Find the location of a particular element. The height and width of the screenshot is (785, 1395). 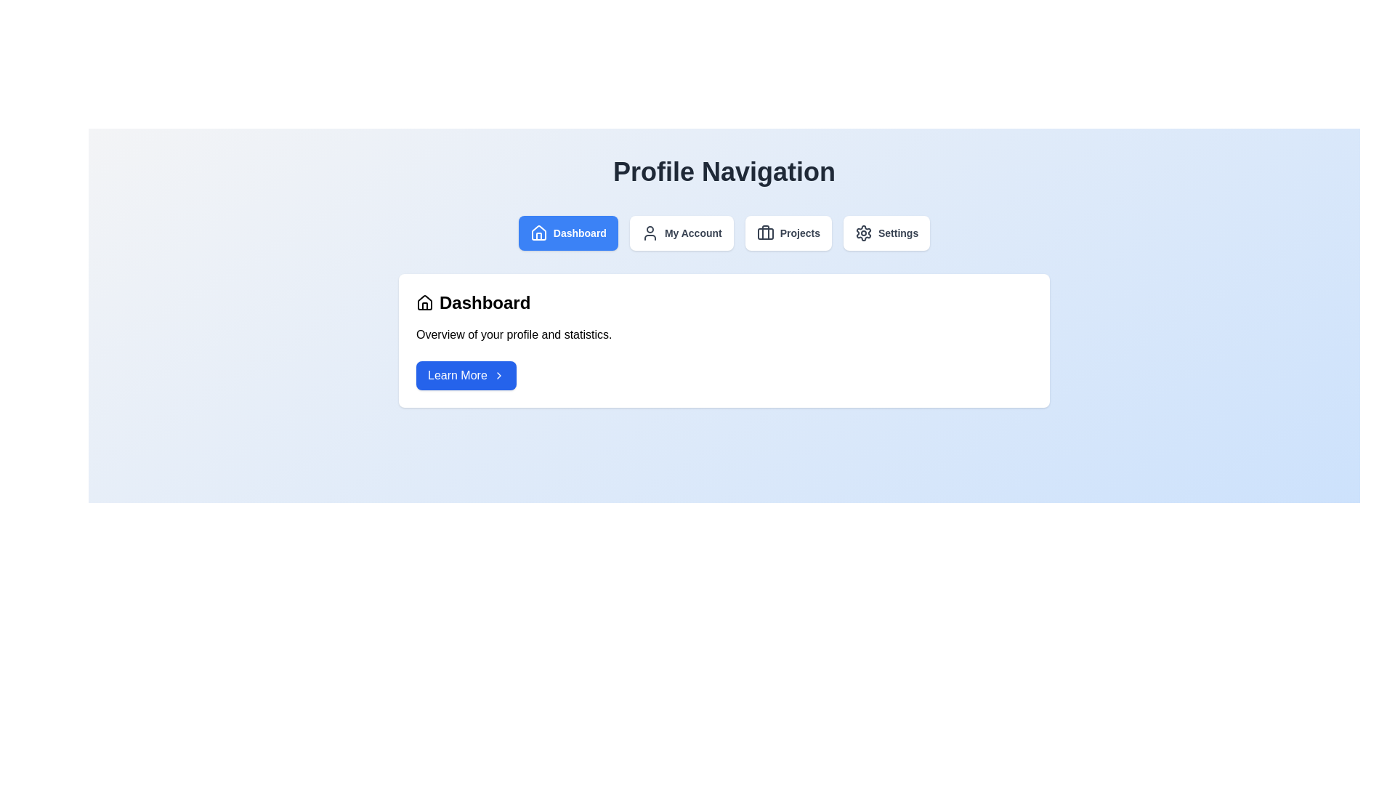

the 'My Account' icon located in the primary navigation bar, which is the second item from the left, visually representing user account-related content is located at coordinates (649, 232).